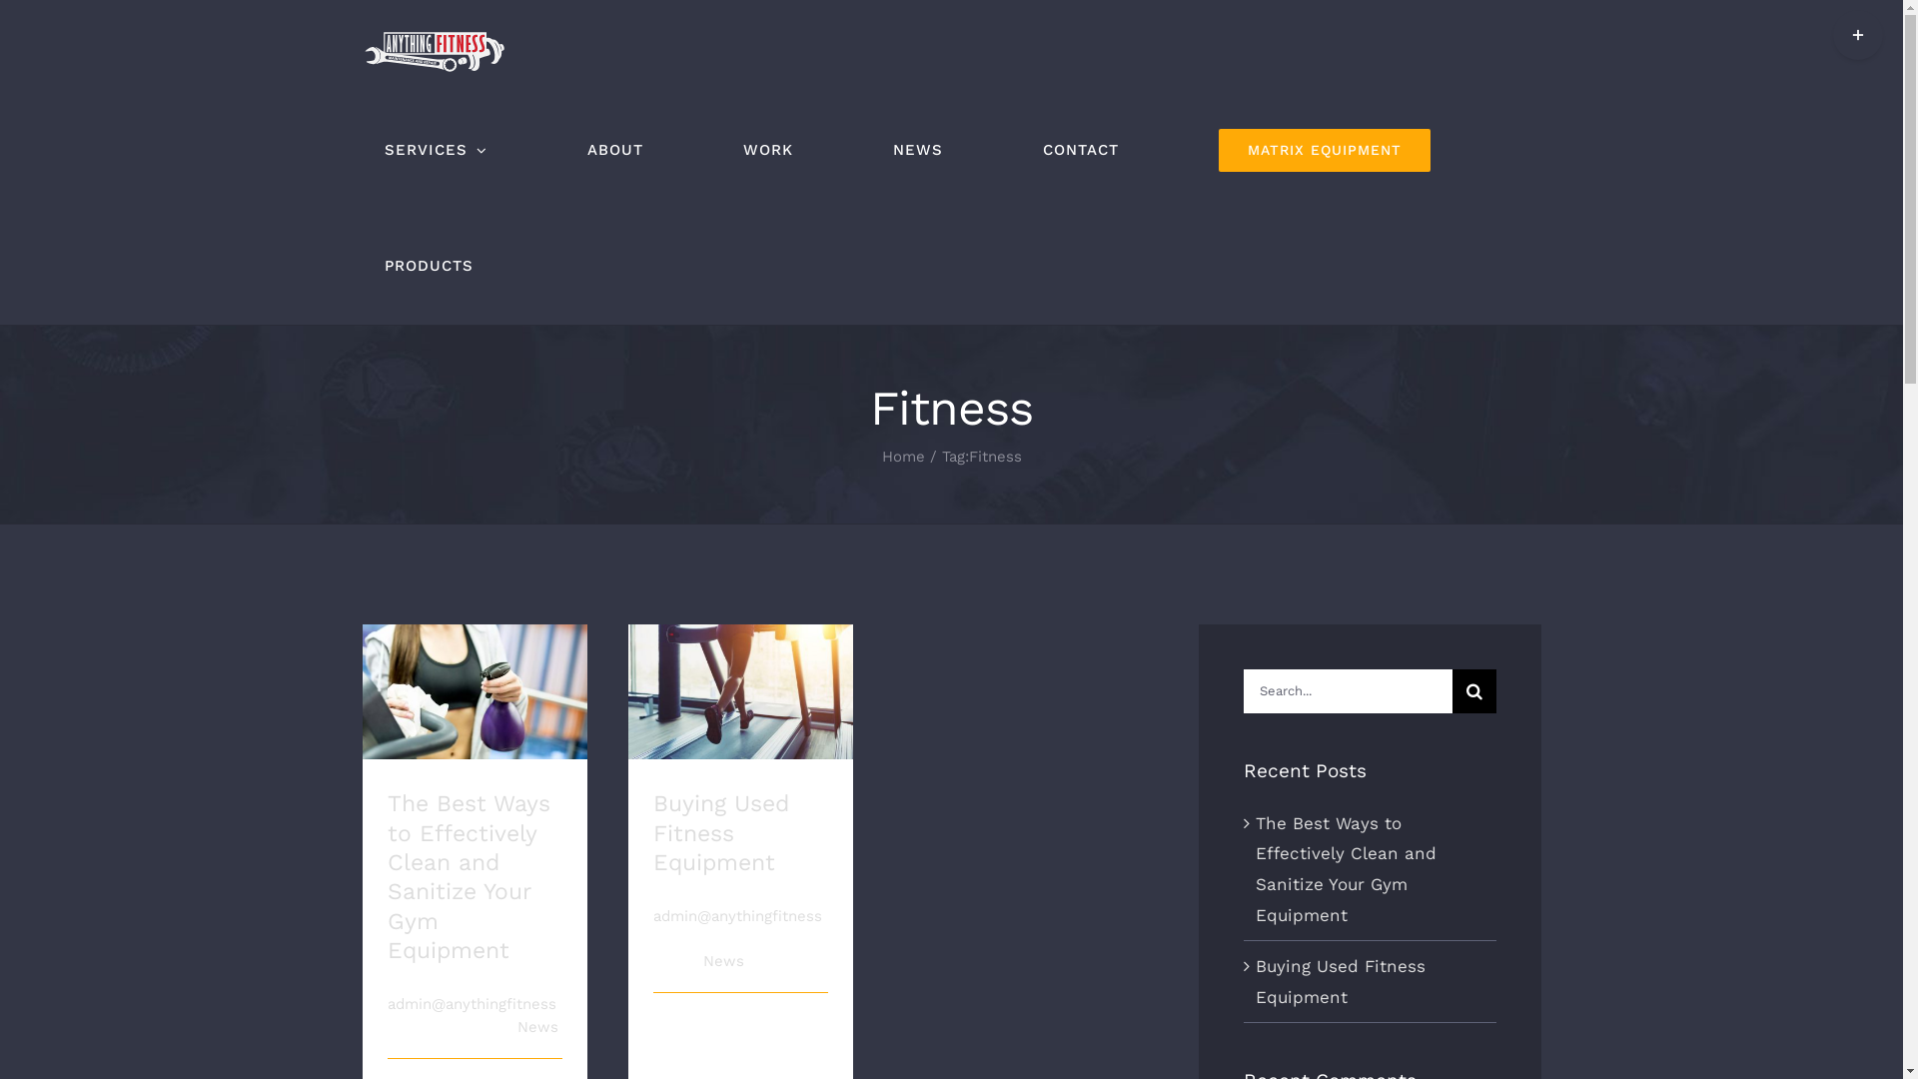 The height and width of the screenshot is (1079, 1918). I want to click on 'Home', so click(901, 456).